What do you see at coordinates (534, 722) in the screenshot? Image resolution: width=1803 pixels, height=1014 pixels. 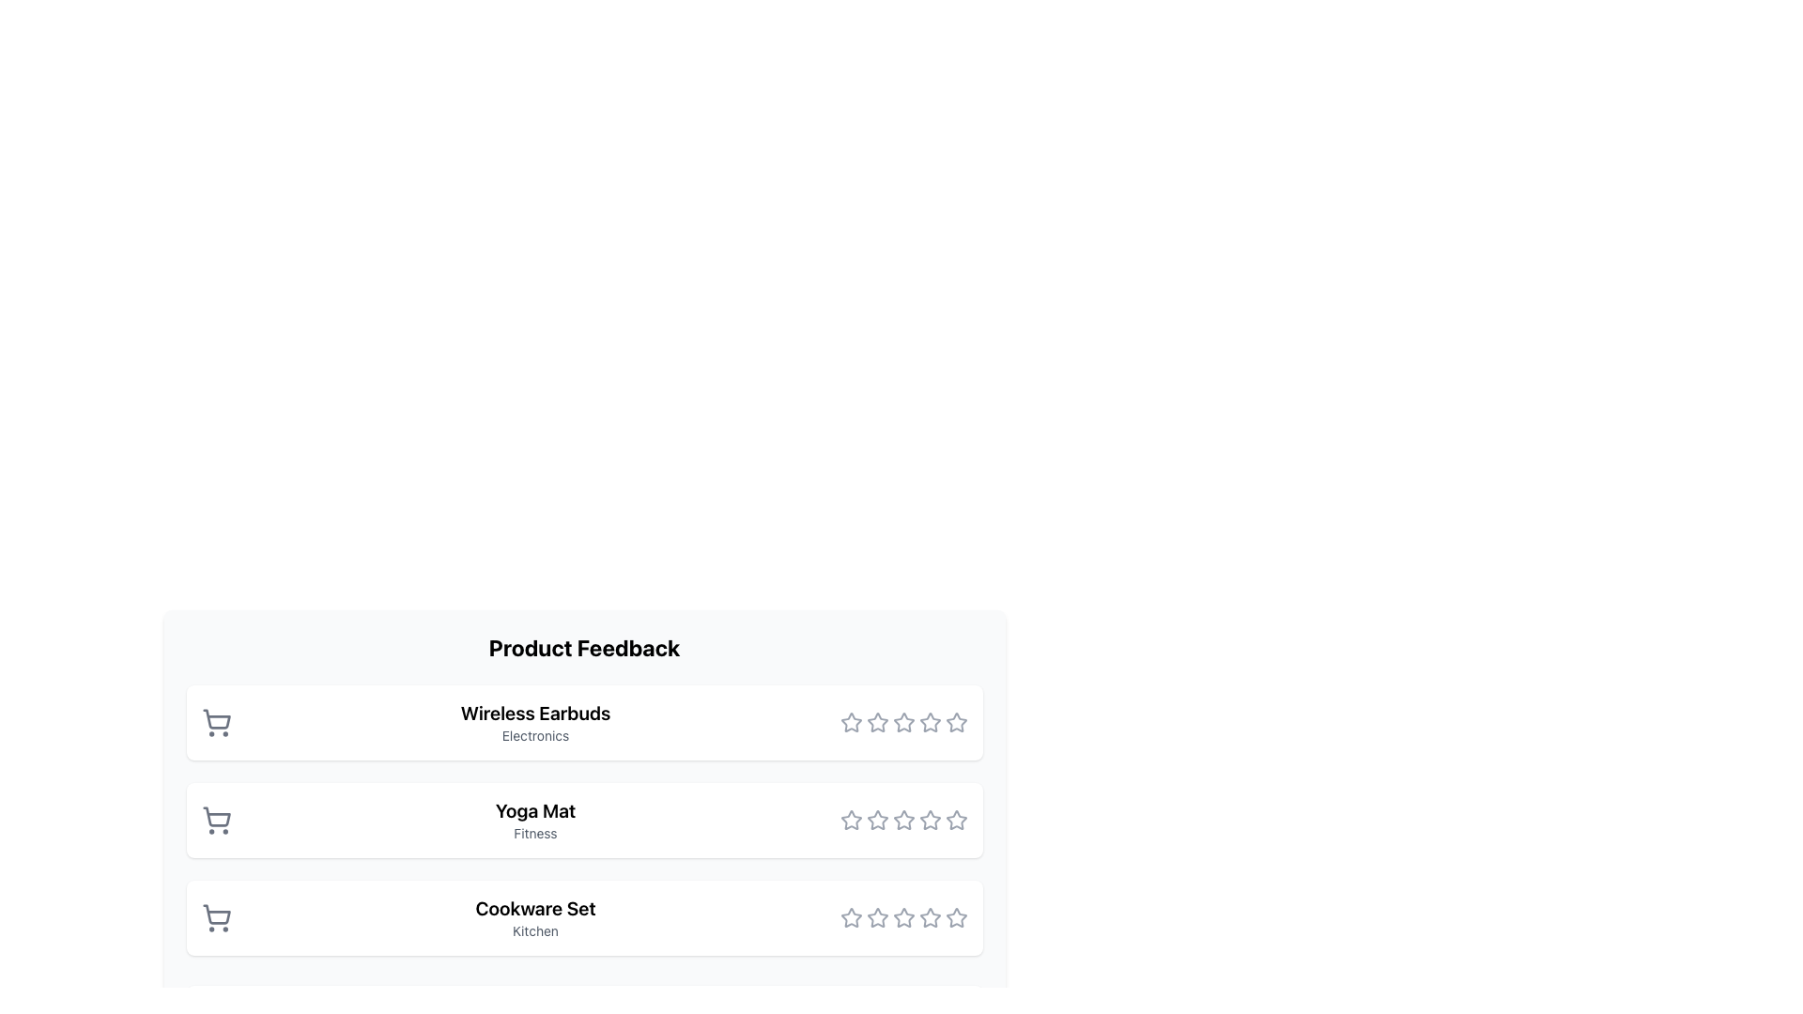 I see `the text label that describes the product in the first item of the product list, which is located to the right of a shopping cart icon and to the left of rating stars` at bounding box center [534, 722].